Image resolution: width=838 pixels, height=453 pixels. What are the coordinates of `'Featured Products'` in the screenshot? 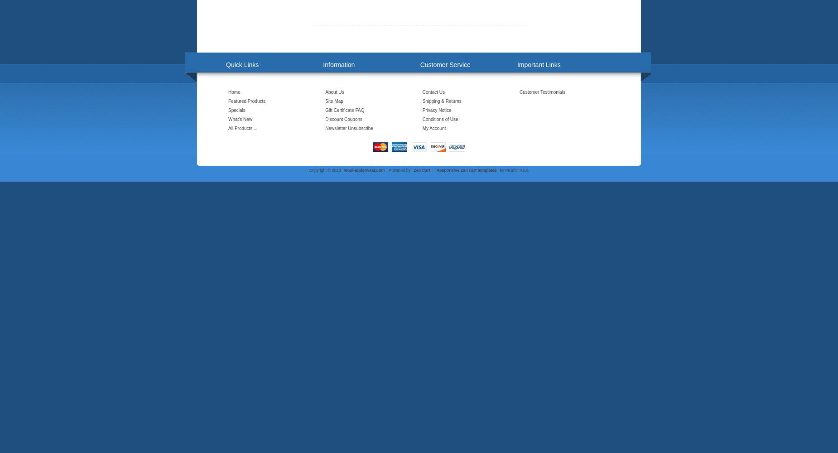 It's located at (247, 101).